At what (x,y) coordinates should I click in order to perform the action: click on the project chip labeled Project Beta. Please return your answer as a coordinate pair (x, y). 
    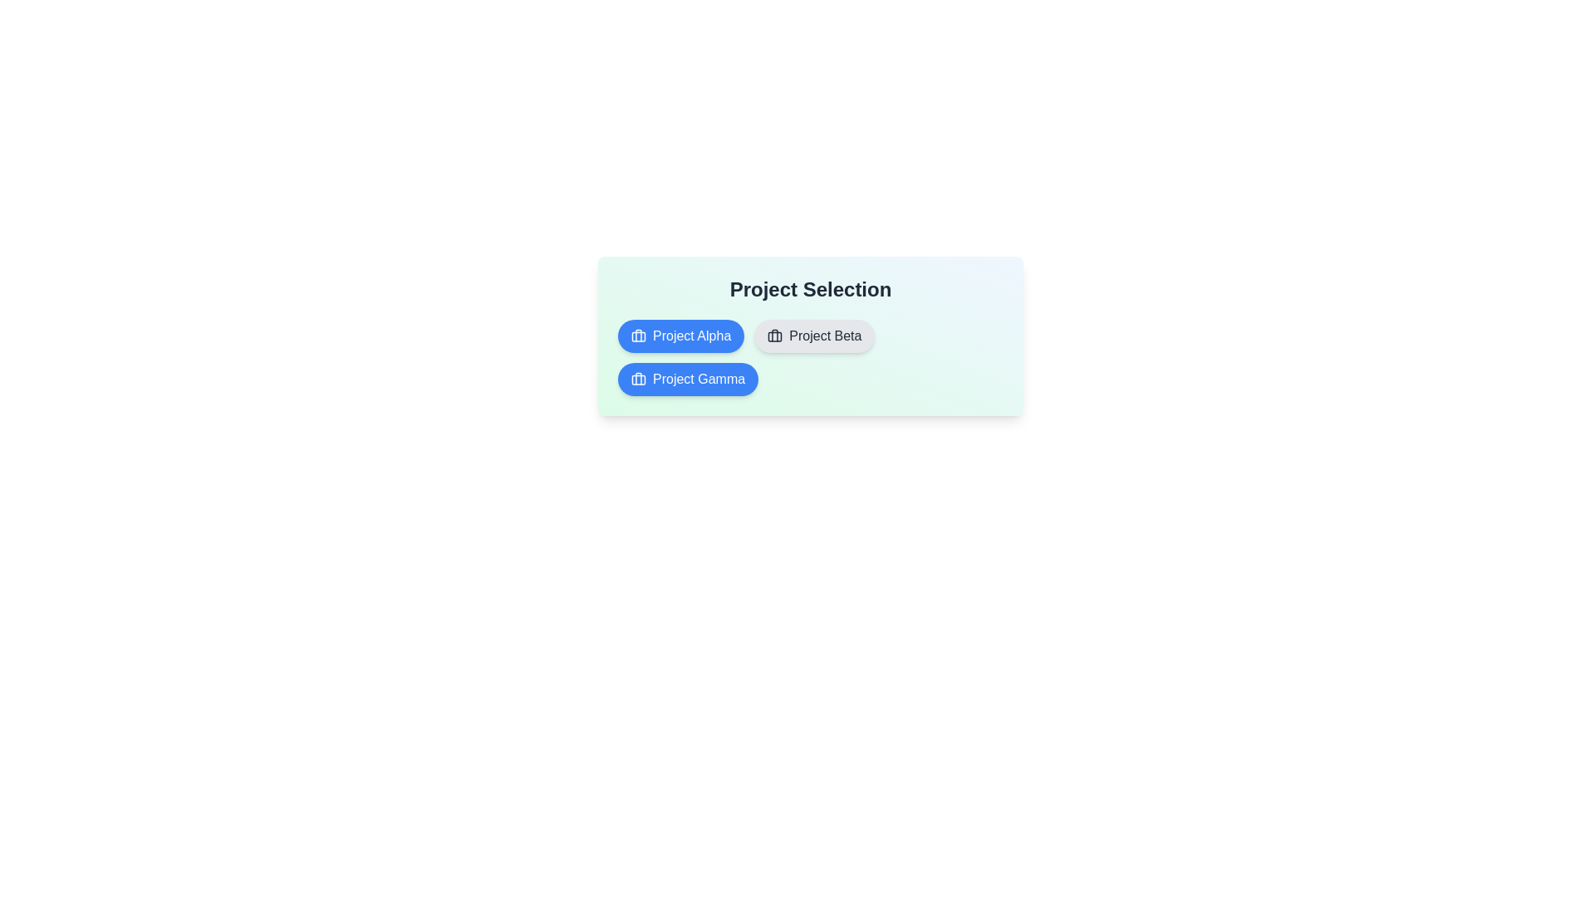
    Looking at the image, I should click on (813, 336).